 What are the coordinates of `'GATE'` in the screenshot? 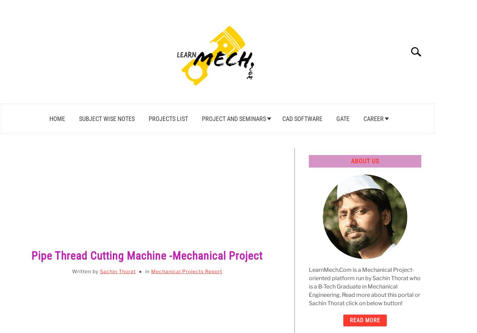 It's located at (342, 118).